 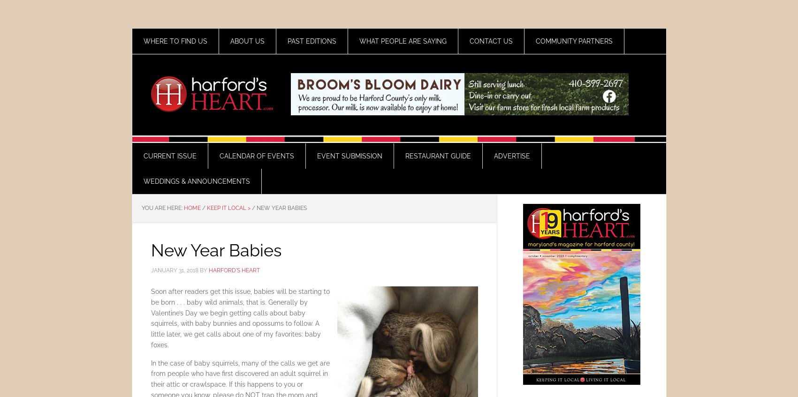 I want to click on 'What People Are Saying', so click(x=358, y=41).